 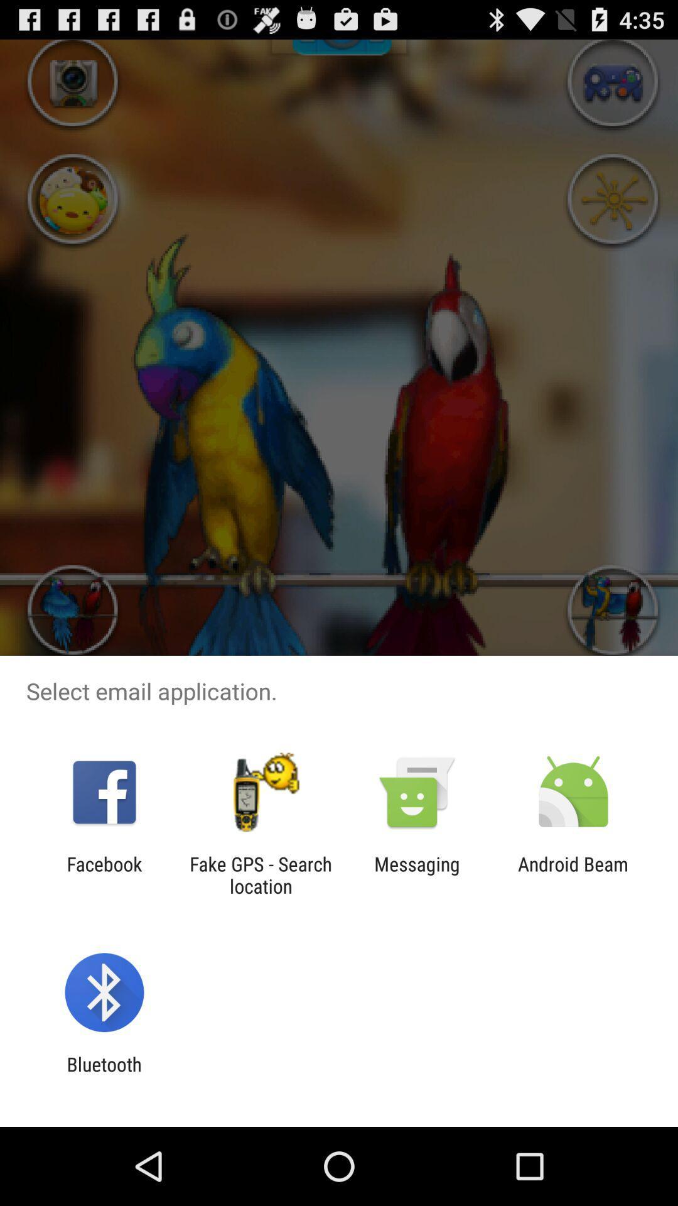 I want to click on bluetooth icon, so click(x=104, y=1075).